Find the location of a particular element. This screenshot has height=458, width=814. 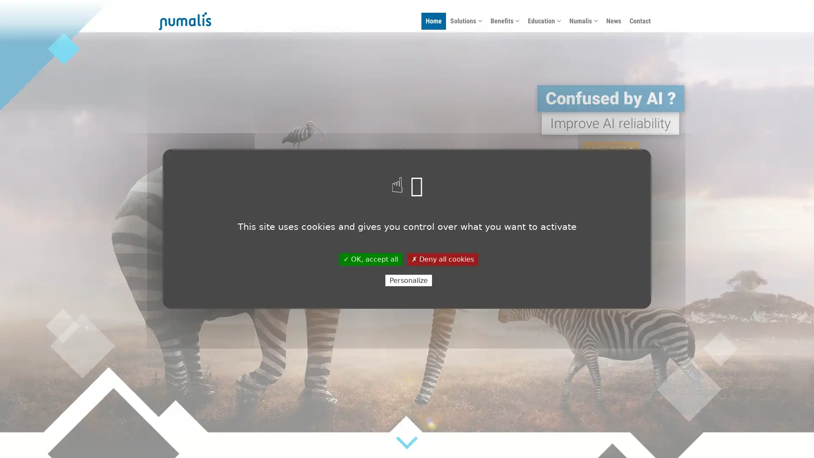

OK, accept all is located at coordinates (370, 259).